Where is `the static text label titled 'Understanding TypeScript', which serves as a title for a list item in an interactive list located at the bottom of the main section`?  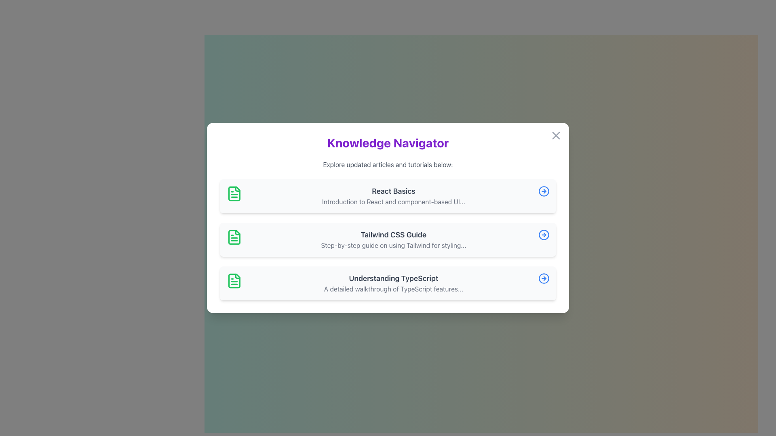
the static text label titled 'Understanding TypeScript', which serves as a title for a list item in an interactive list located at the bottom of the main section is located at coordinates (394, 278).